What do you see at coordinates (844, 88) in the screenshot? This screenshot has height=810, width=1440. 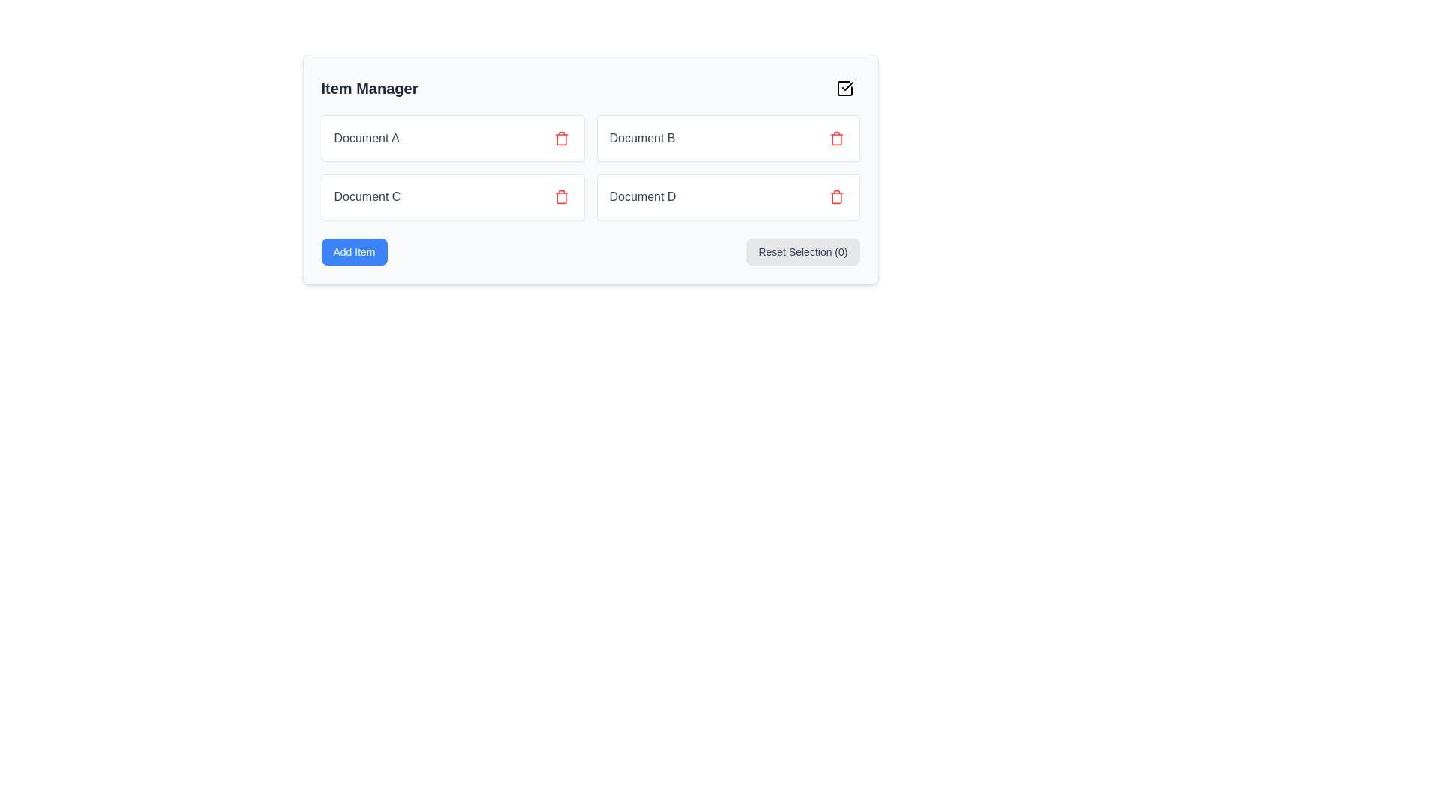 I see `the button with an icon located to the right of the title text 'Item Manager'` at bounding box center [844, 88].